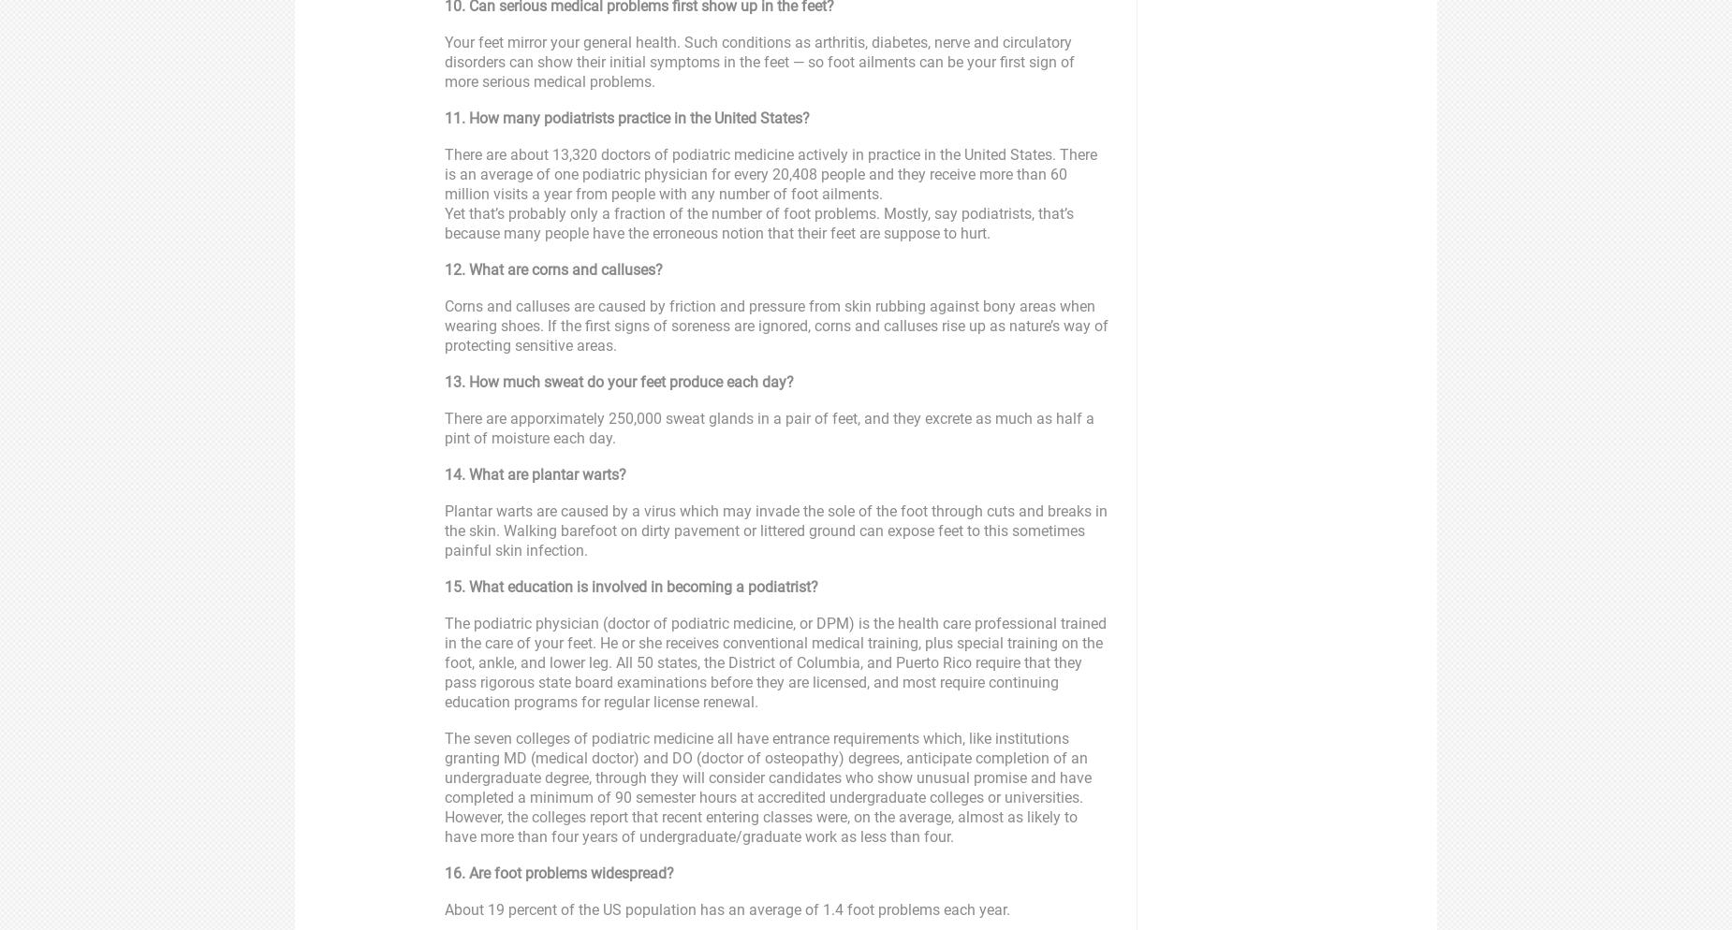 The width and height of the screenshot is (1732, 930). I want to click on 'The podiatric physician (doctor of podiatric medicine, or DPM) is the health care professional trained in the care of your feet. He or she receives conventional medical training, plus special training on the foot, ankle, and lower leg. All 50 states, the District of Columbia, and Puerto Rico require that they pass rigorous state board examinations before they are licensed, and most require continuing education programs for regular license renewal.', so click(775, 661).